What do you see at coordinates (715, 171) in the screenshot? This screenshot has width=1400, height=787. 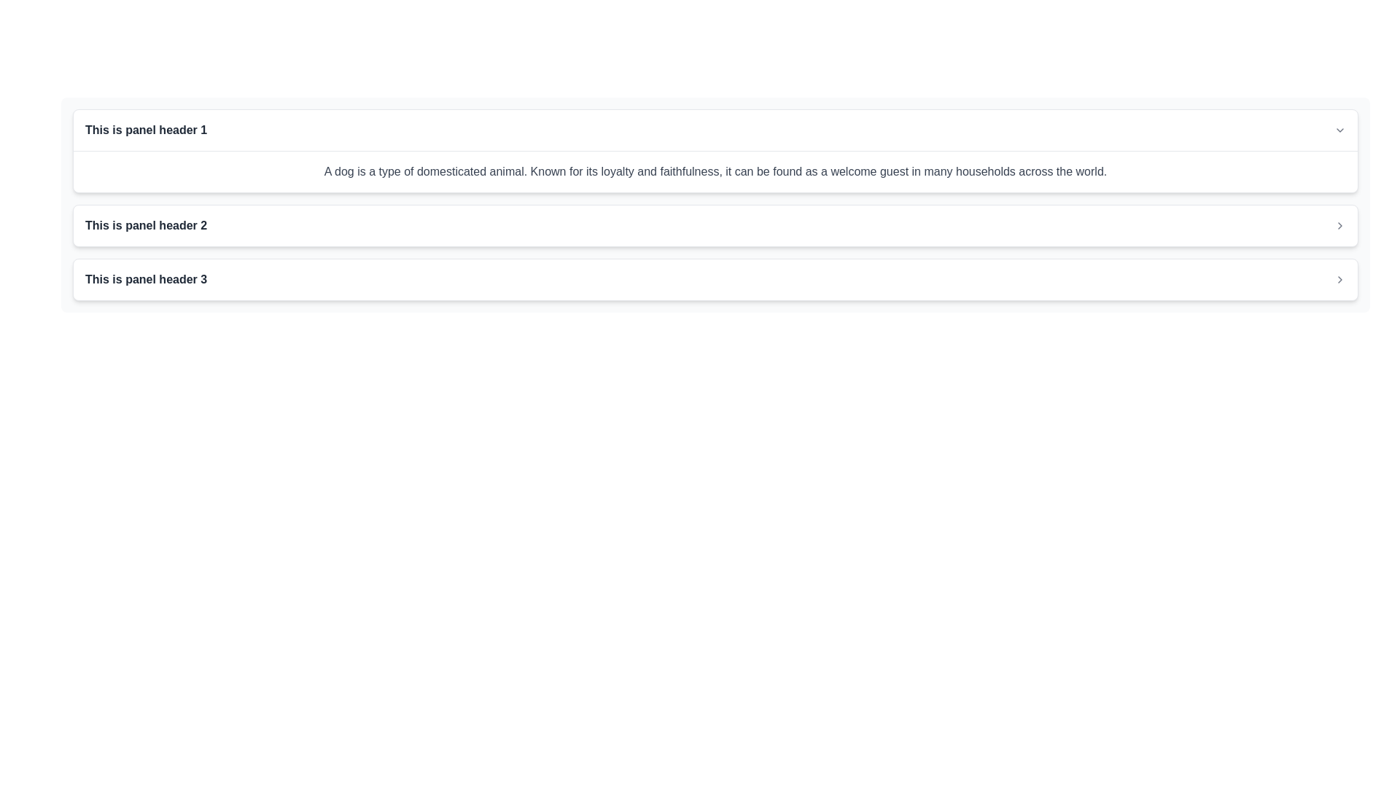 I see `the light gray text block describing a domesticated dog, located below the header 'This is panel header 1'` at bounding box center [715, 171].